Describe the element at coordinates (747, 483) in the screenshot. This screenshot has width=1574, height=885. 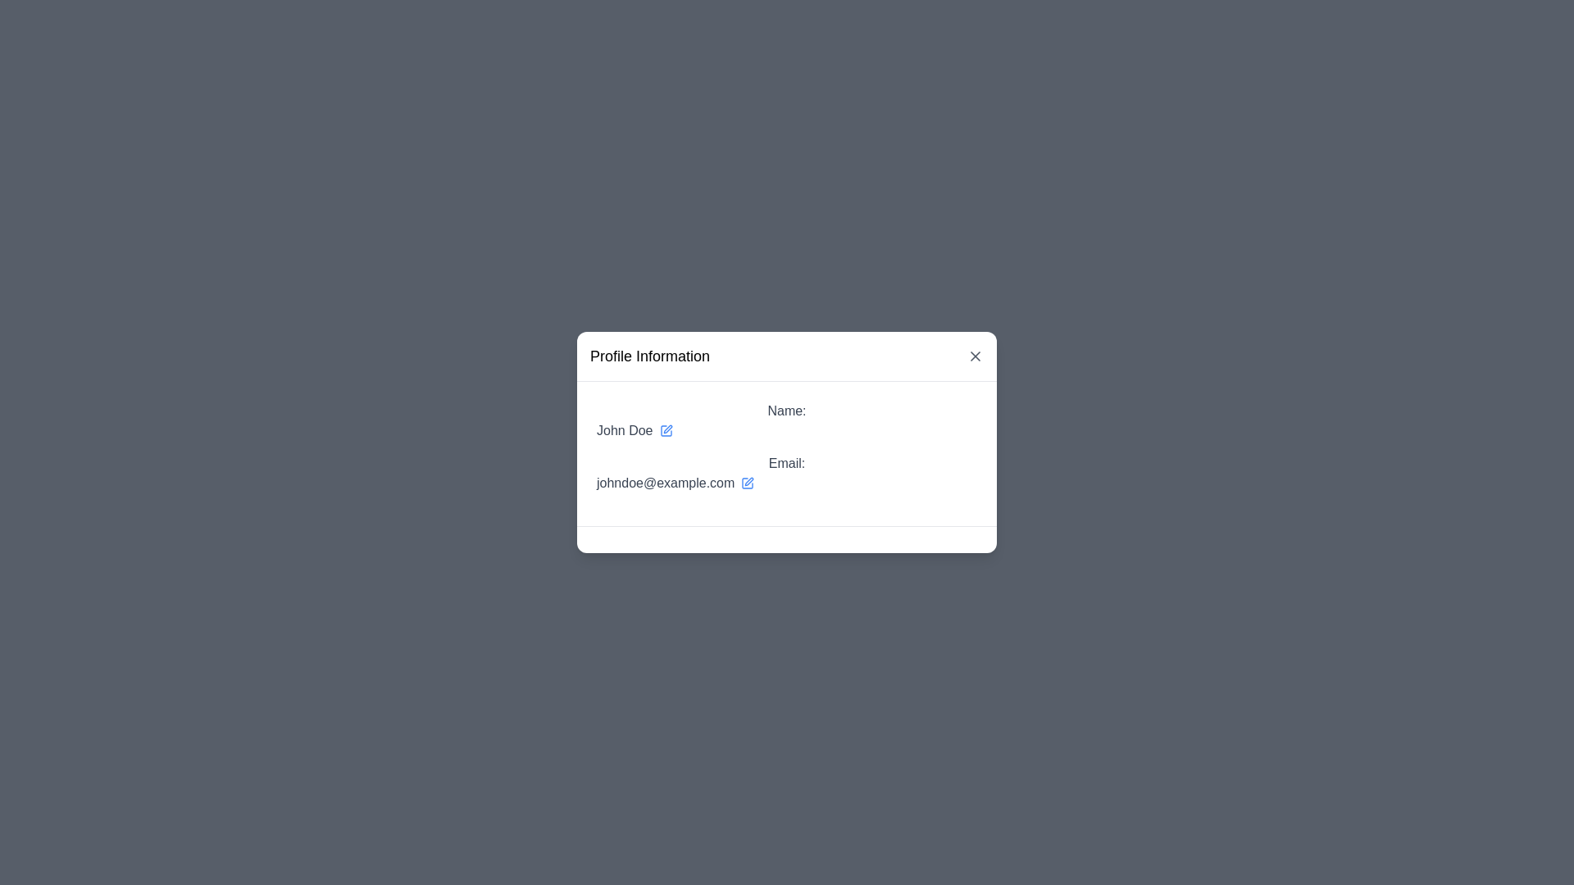
I see `the blue pen icon button located to the right of the email text 'johndoe@example.com' in the 'Profile Information' dialog box to initiate the edit functionality` at that location.